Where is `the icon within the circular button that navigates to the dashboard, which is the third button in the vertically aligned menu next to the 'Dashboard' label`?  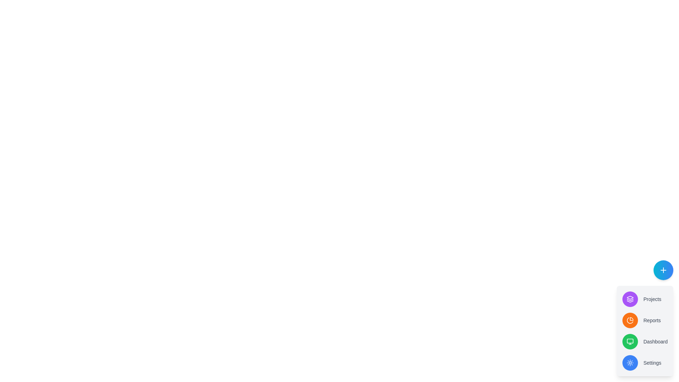
the icon within the circular button that navigates to the dashboard, which is the third button in the vertically aligned menu next to the 'Dashboard' label is located at coordinates (630, 341).